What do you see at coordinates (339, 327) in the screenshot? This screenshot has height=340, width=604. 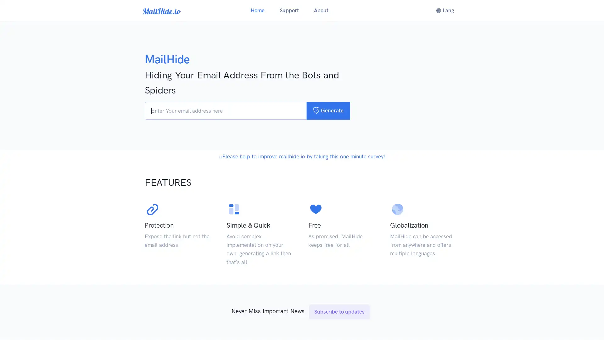 I see `Subscribe to updates` at bounding box center [339, 327].